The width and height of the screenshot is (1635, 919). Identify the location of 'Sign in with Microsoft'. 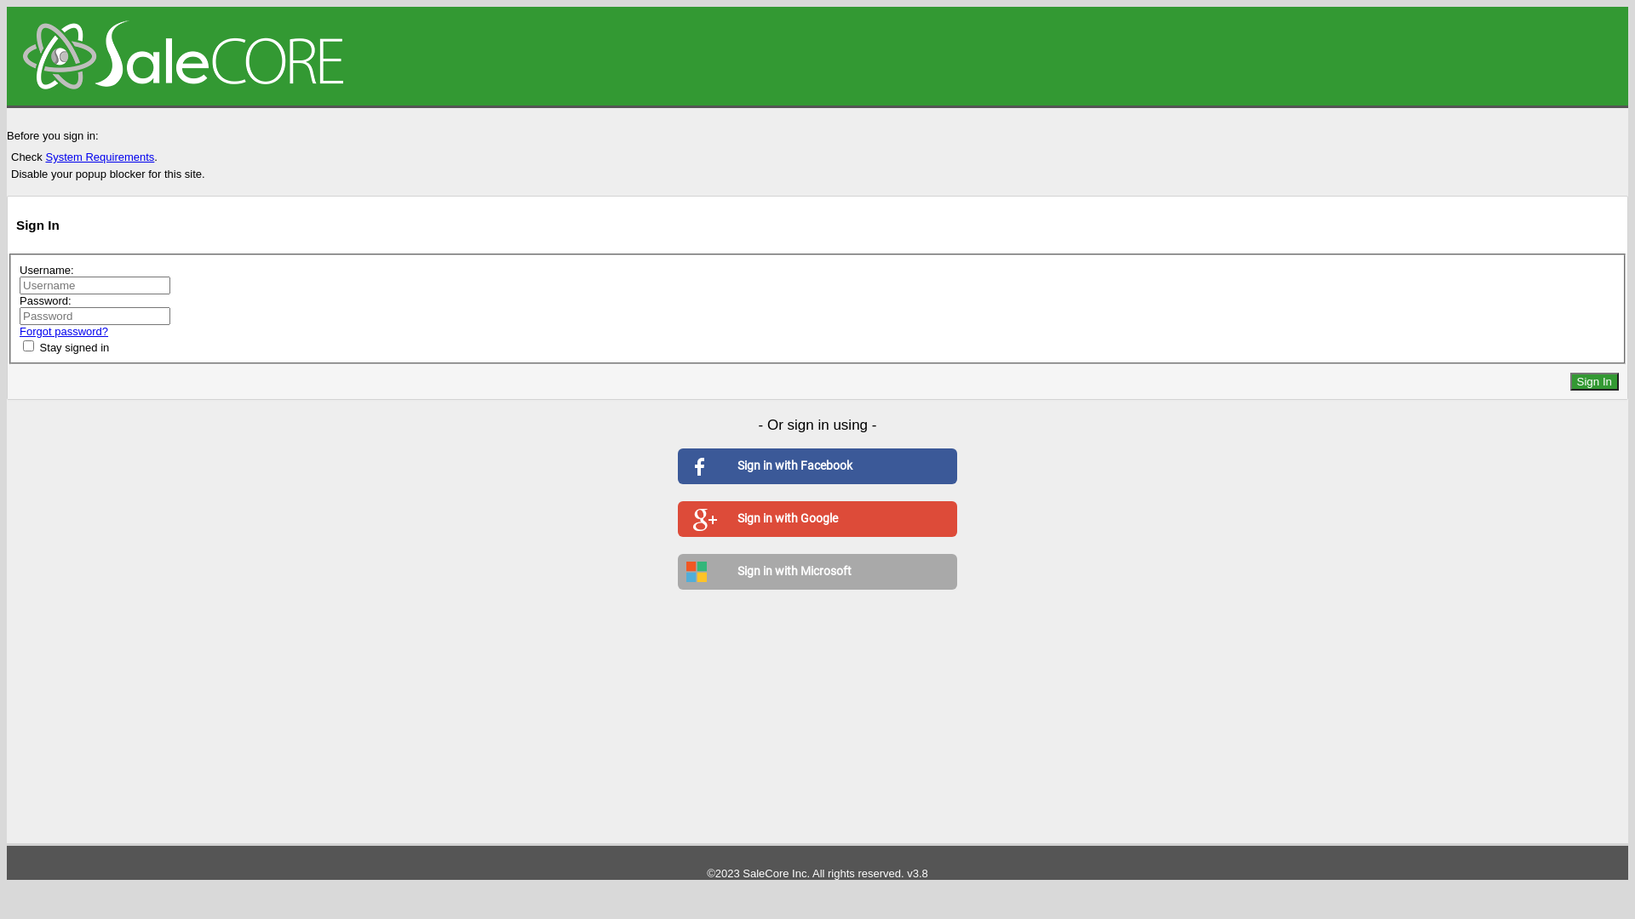
(817, 571).